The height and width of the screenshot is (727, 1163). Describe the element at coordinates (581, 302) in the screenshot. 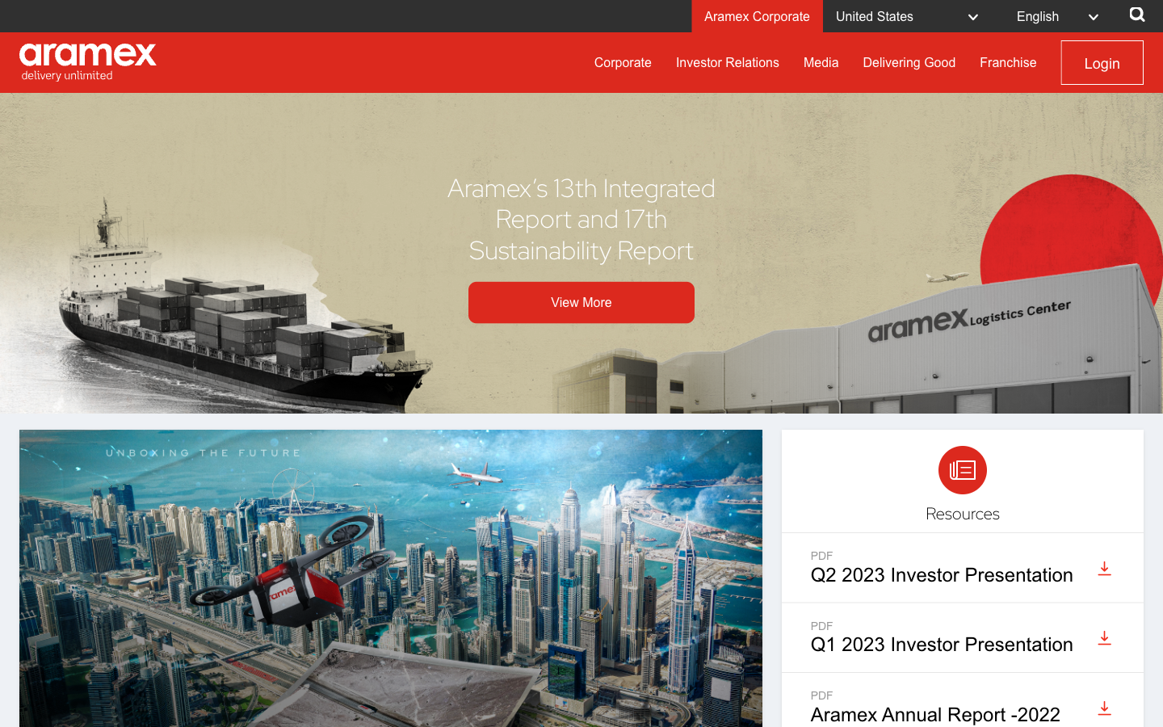

I see `the "view more" option for the 13th Integrated Report and 17th Sustainability Report of Aramex` at that location.